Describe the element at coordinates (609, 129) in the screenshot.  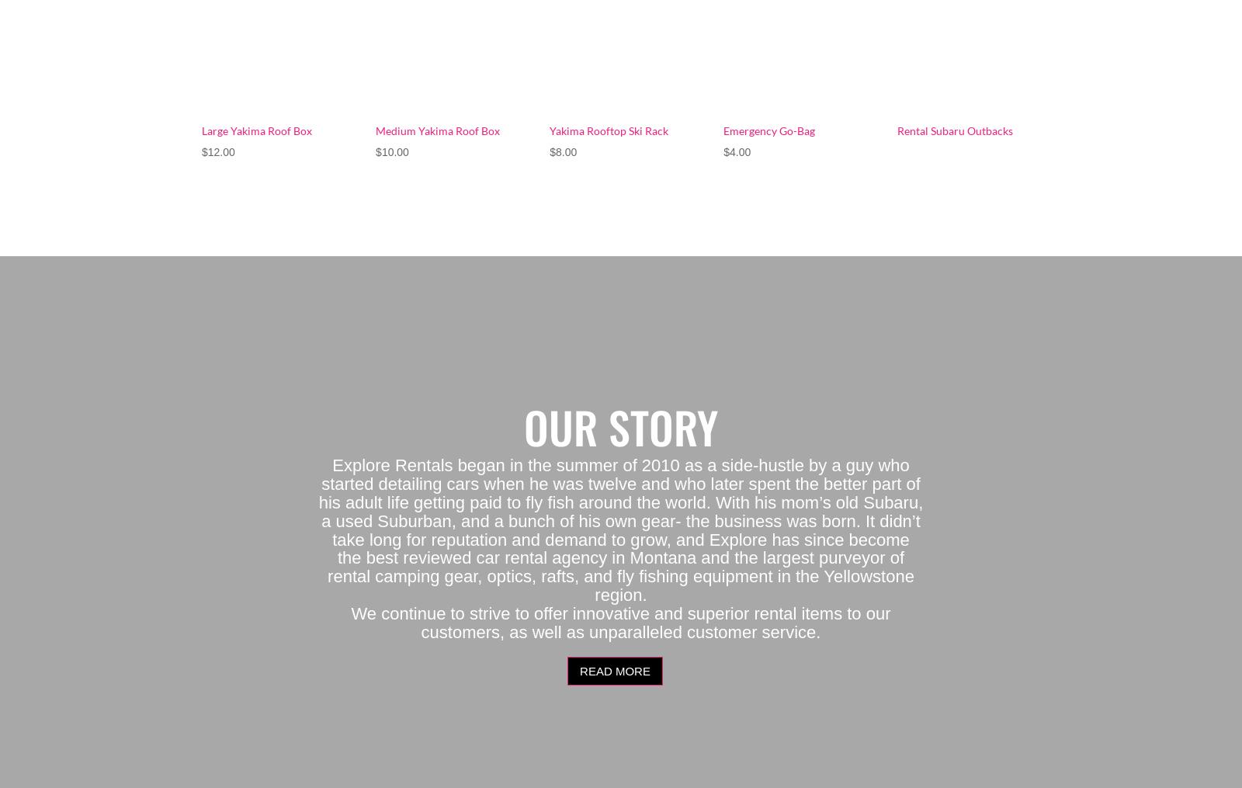
I see `'Yakima Rooftop Ski Rack'` at that location.